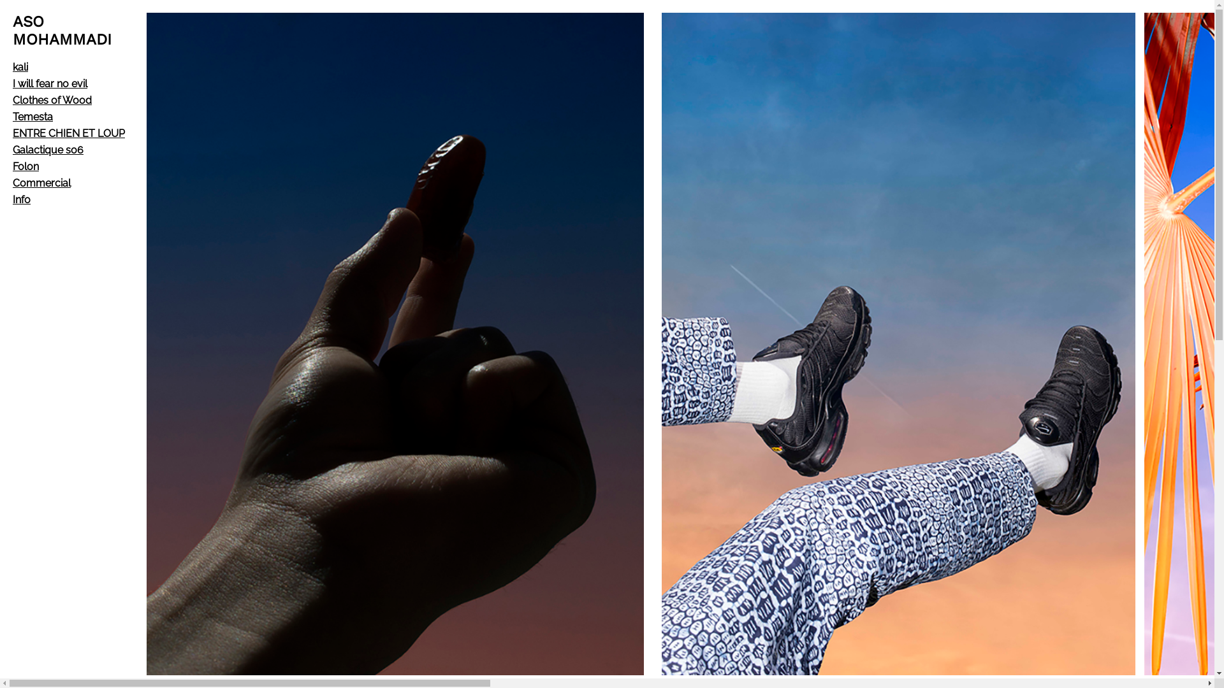 The image size is (1224, 688). Describe the element at coordinates (12, 117) in the screenshot. I see `'Temesta'` at that location.